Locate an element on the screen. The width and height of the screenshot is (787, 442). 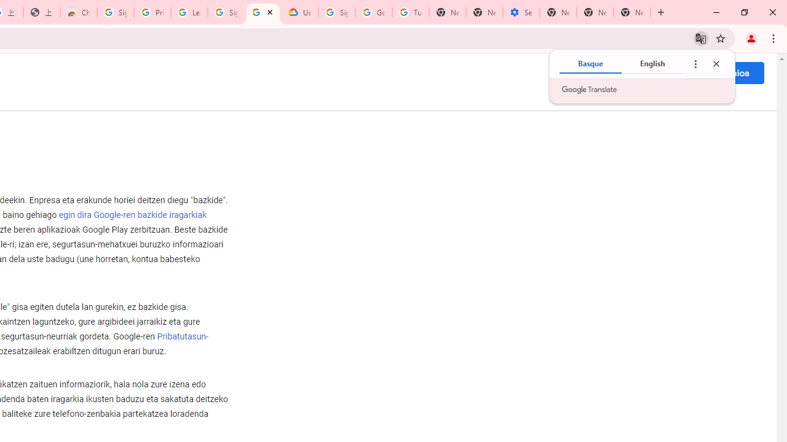
'Sign in - Google Accounts' is located at coordinates (115, 12).